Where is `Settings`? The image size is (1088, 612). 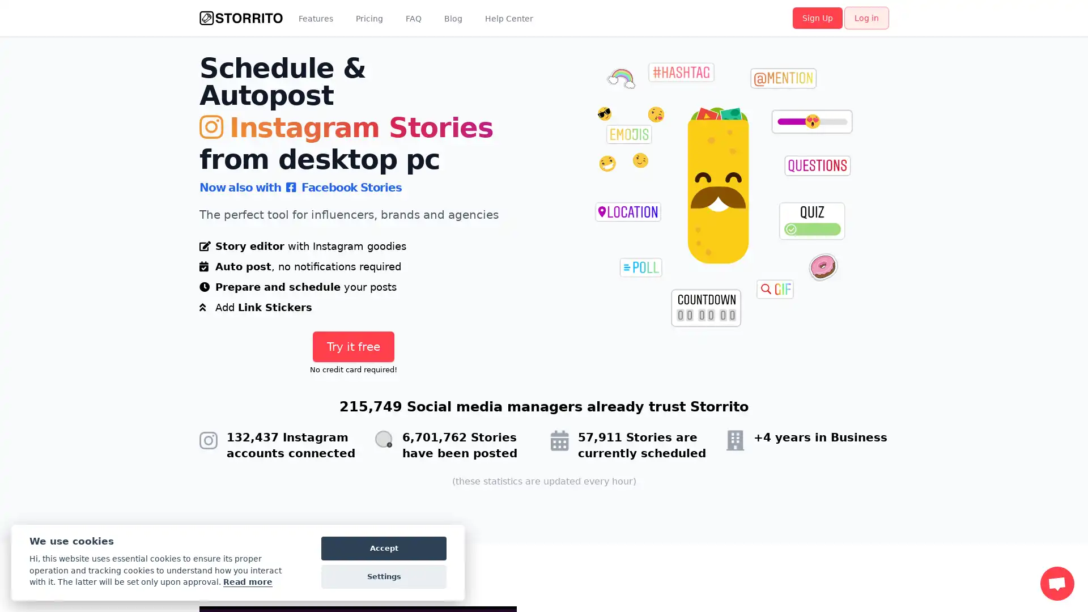
Settings is located at coordinates (384, 577).